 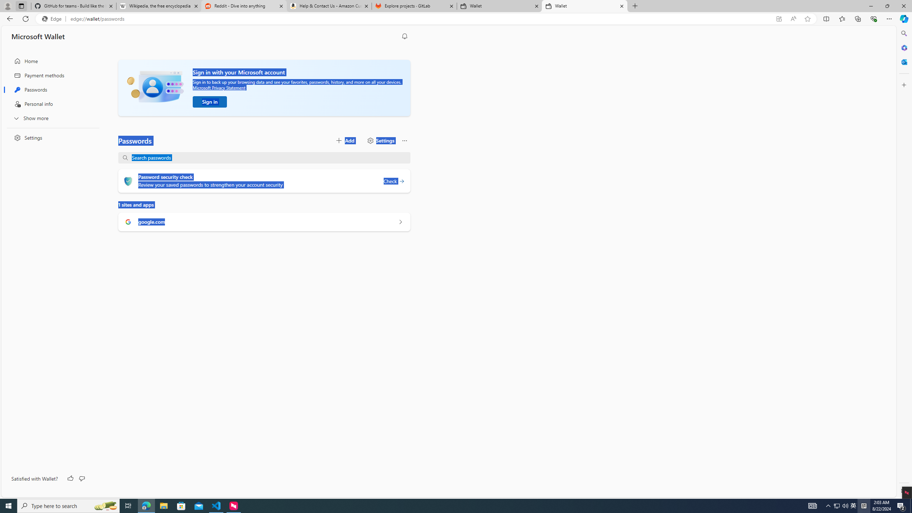 I want to click on 'Sign in', so click(x=209, y=102).